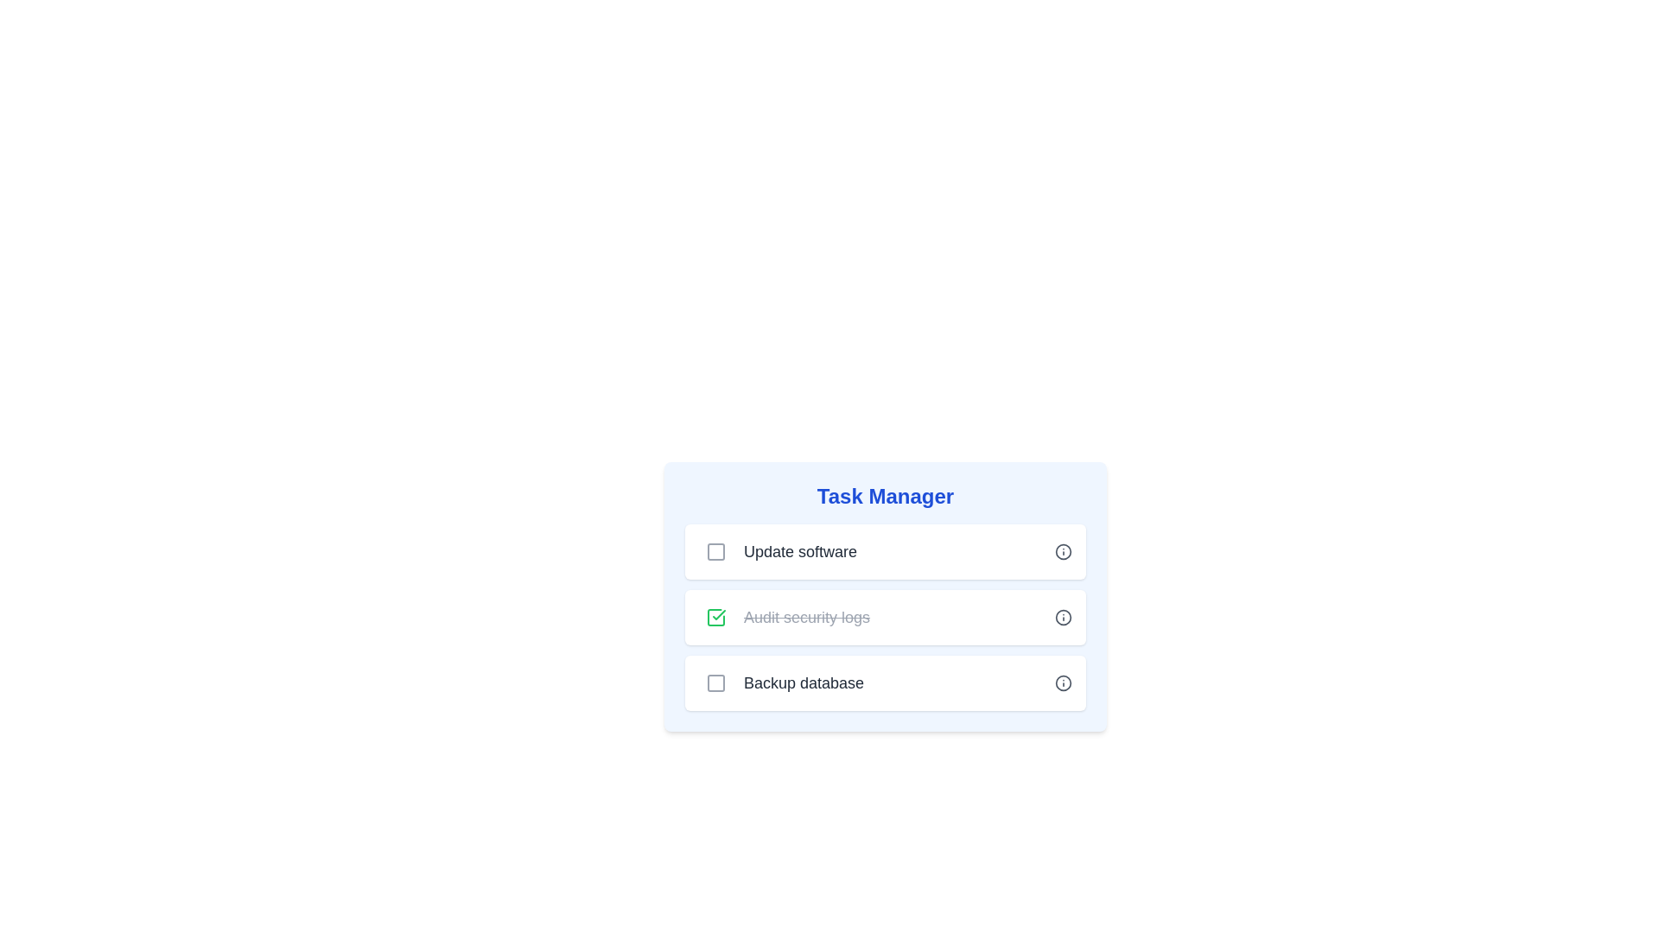  Describe the element at coordinates (716, 552) in the screenshot. I see `the SVG status icon located in the first row of task items in the 'Task Manager' block, next to the text label 'Update software'` at that location.